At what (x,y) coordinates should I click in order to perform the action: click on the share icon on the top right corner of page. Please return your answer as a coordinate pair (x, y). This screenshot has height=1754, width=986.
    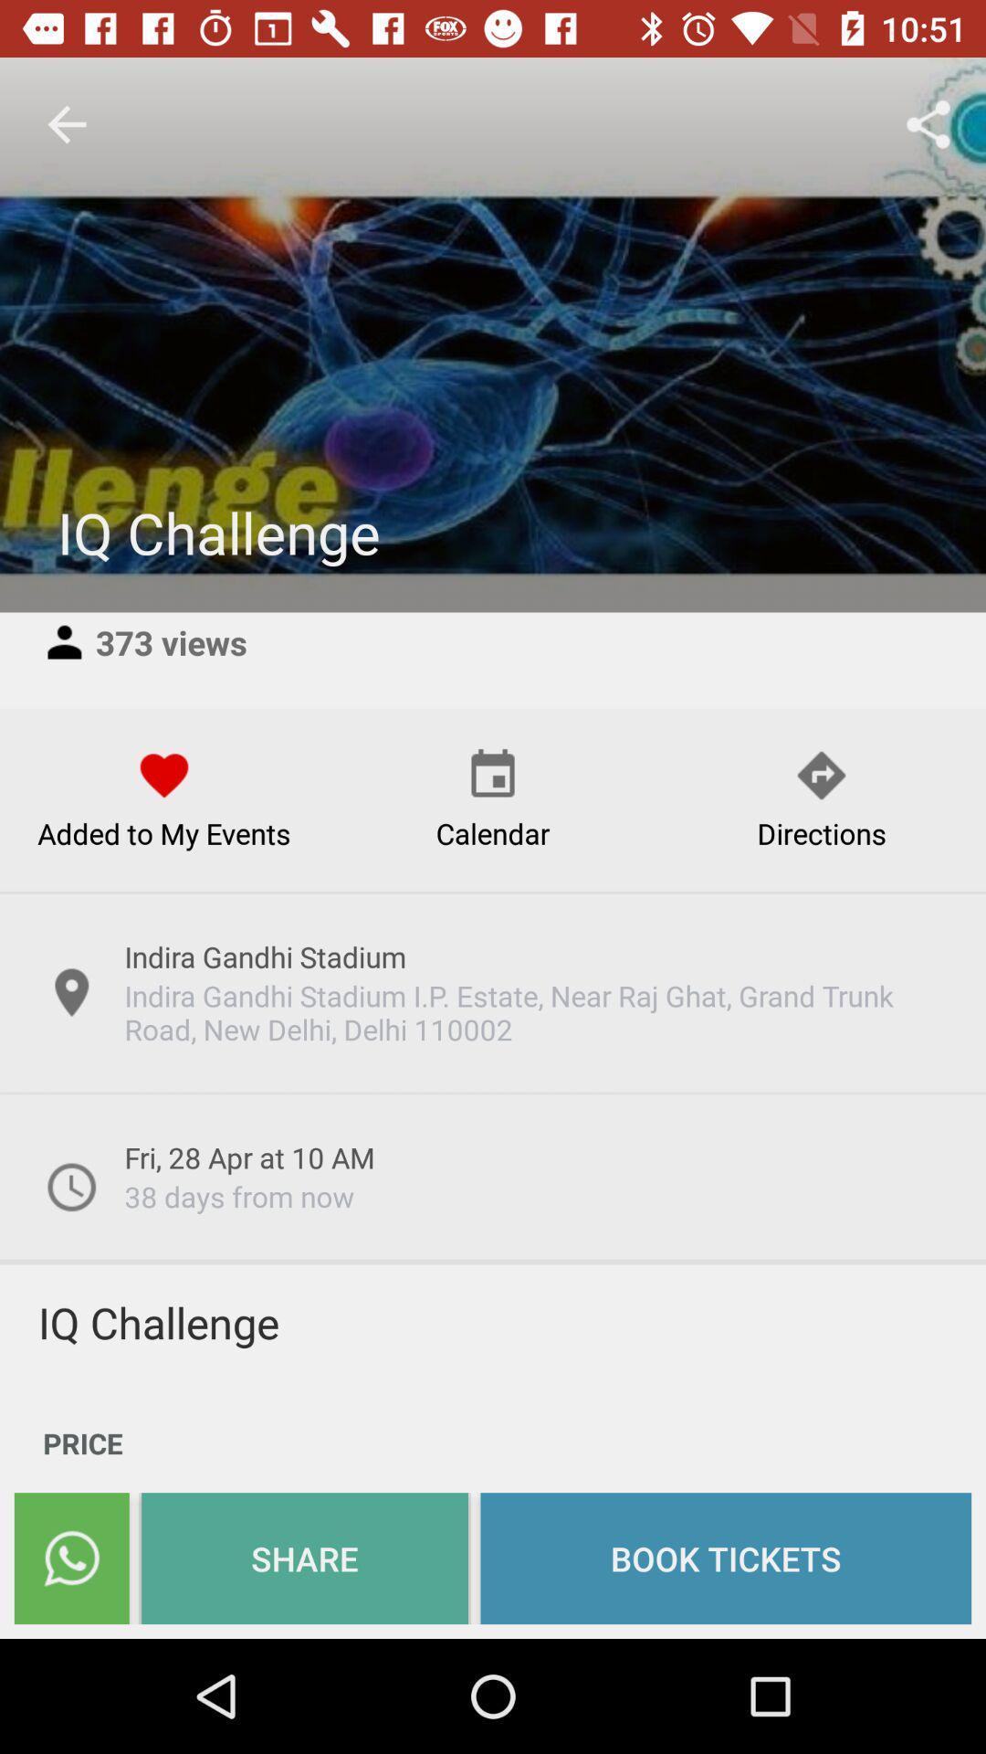
    Looking at the image, I should click on (928, 124).